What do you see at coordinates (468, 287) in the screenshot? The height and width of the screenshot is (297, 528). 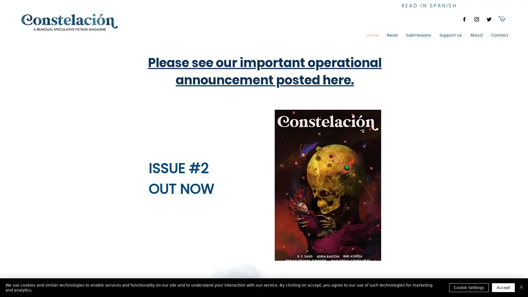 I see `Cookie Settings` at bounding box center [468, 287].